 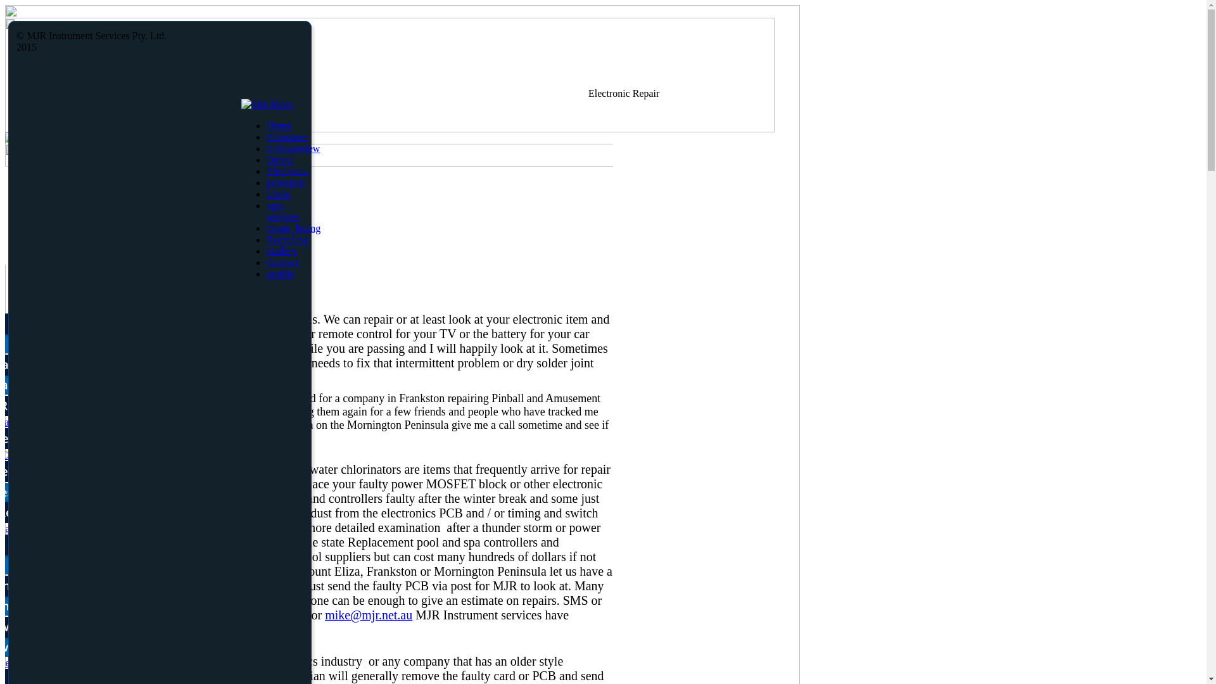 What do you see at coordinates (279, 159) in the screenshot?
I see `'Dental'` at bounding box center [279, 159].